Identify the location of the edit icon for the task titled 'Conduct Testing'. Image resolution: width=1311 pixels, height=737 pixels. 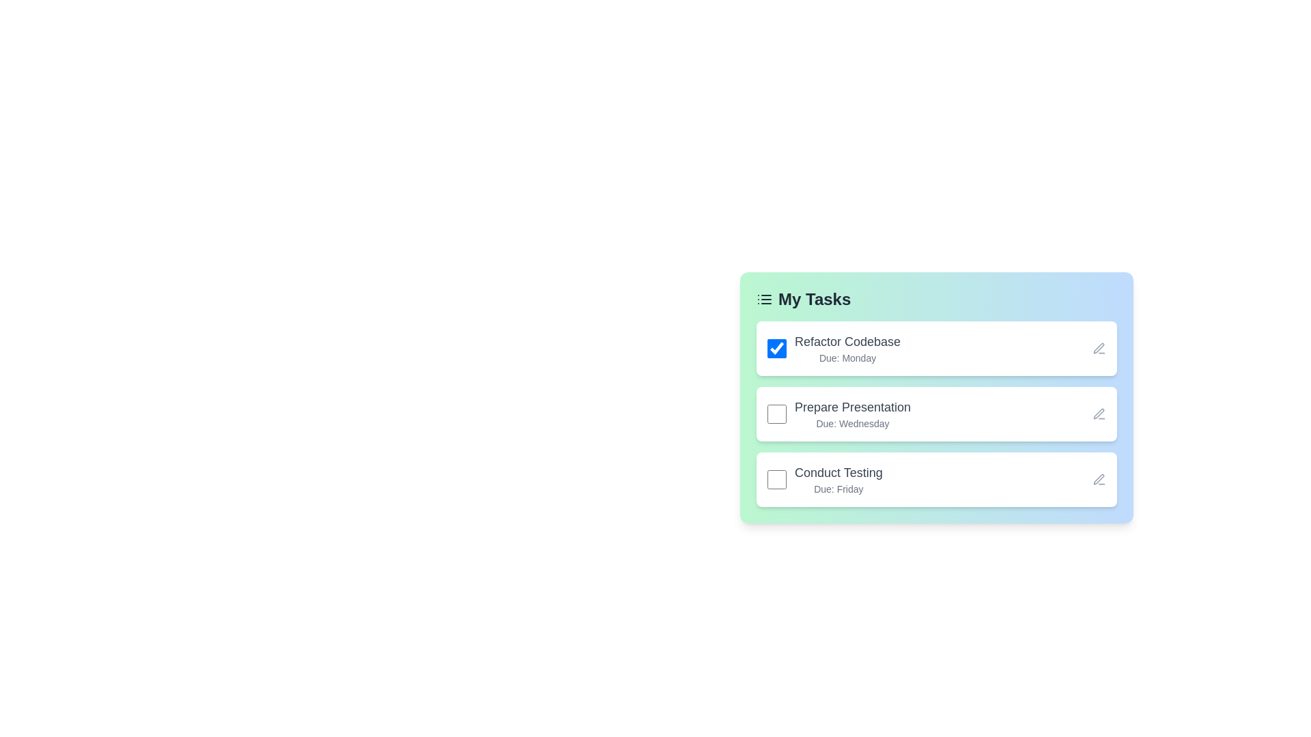
(1099, 478).